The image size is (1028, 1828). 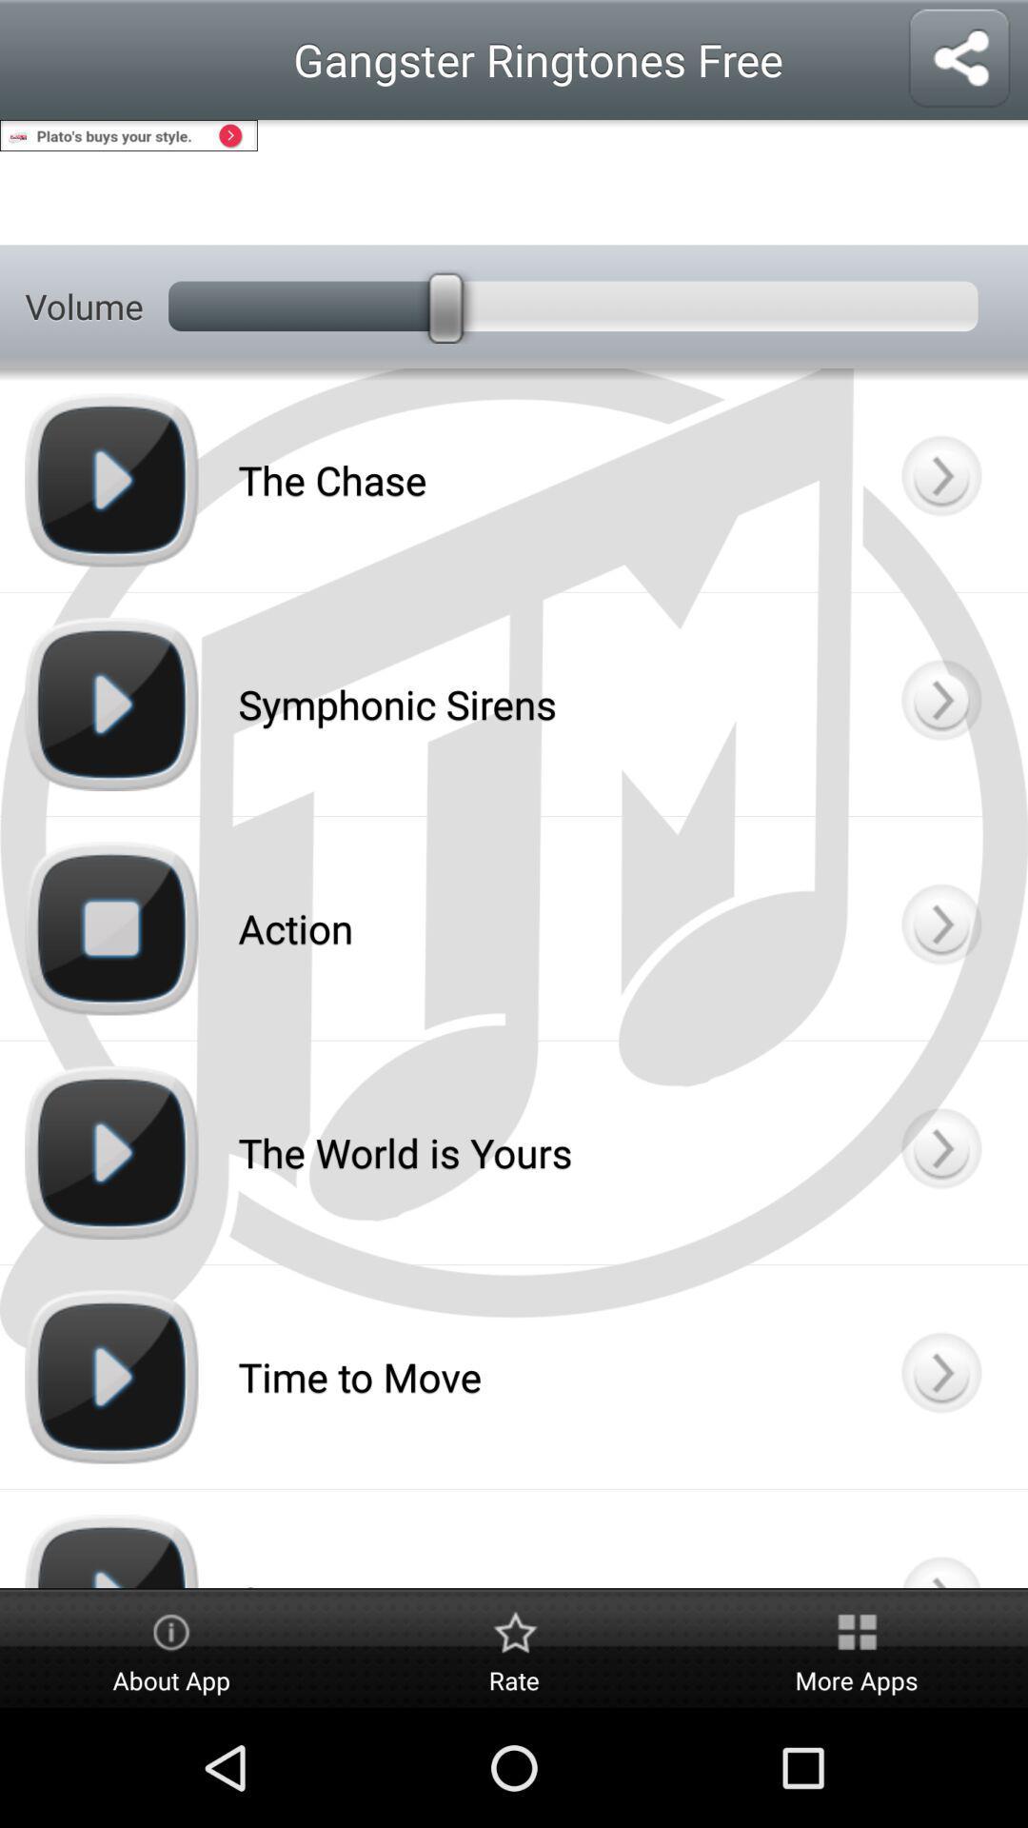 What do you see at coordinates (959, 59) in the screenshot?
I see `share the ringtones` at bounding box center [959, 59].